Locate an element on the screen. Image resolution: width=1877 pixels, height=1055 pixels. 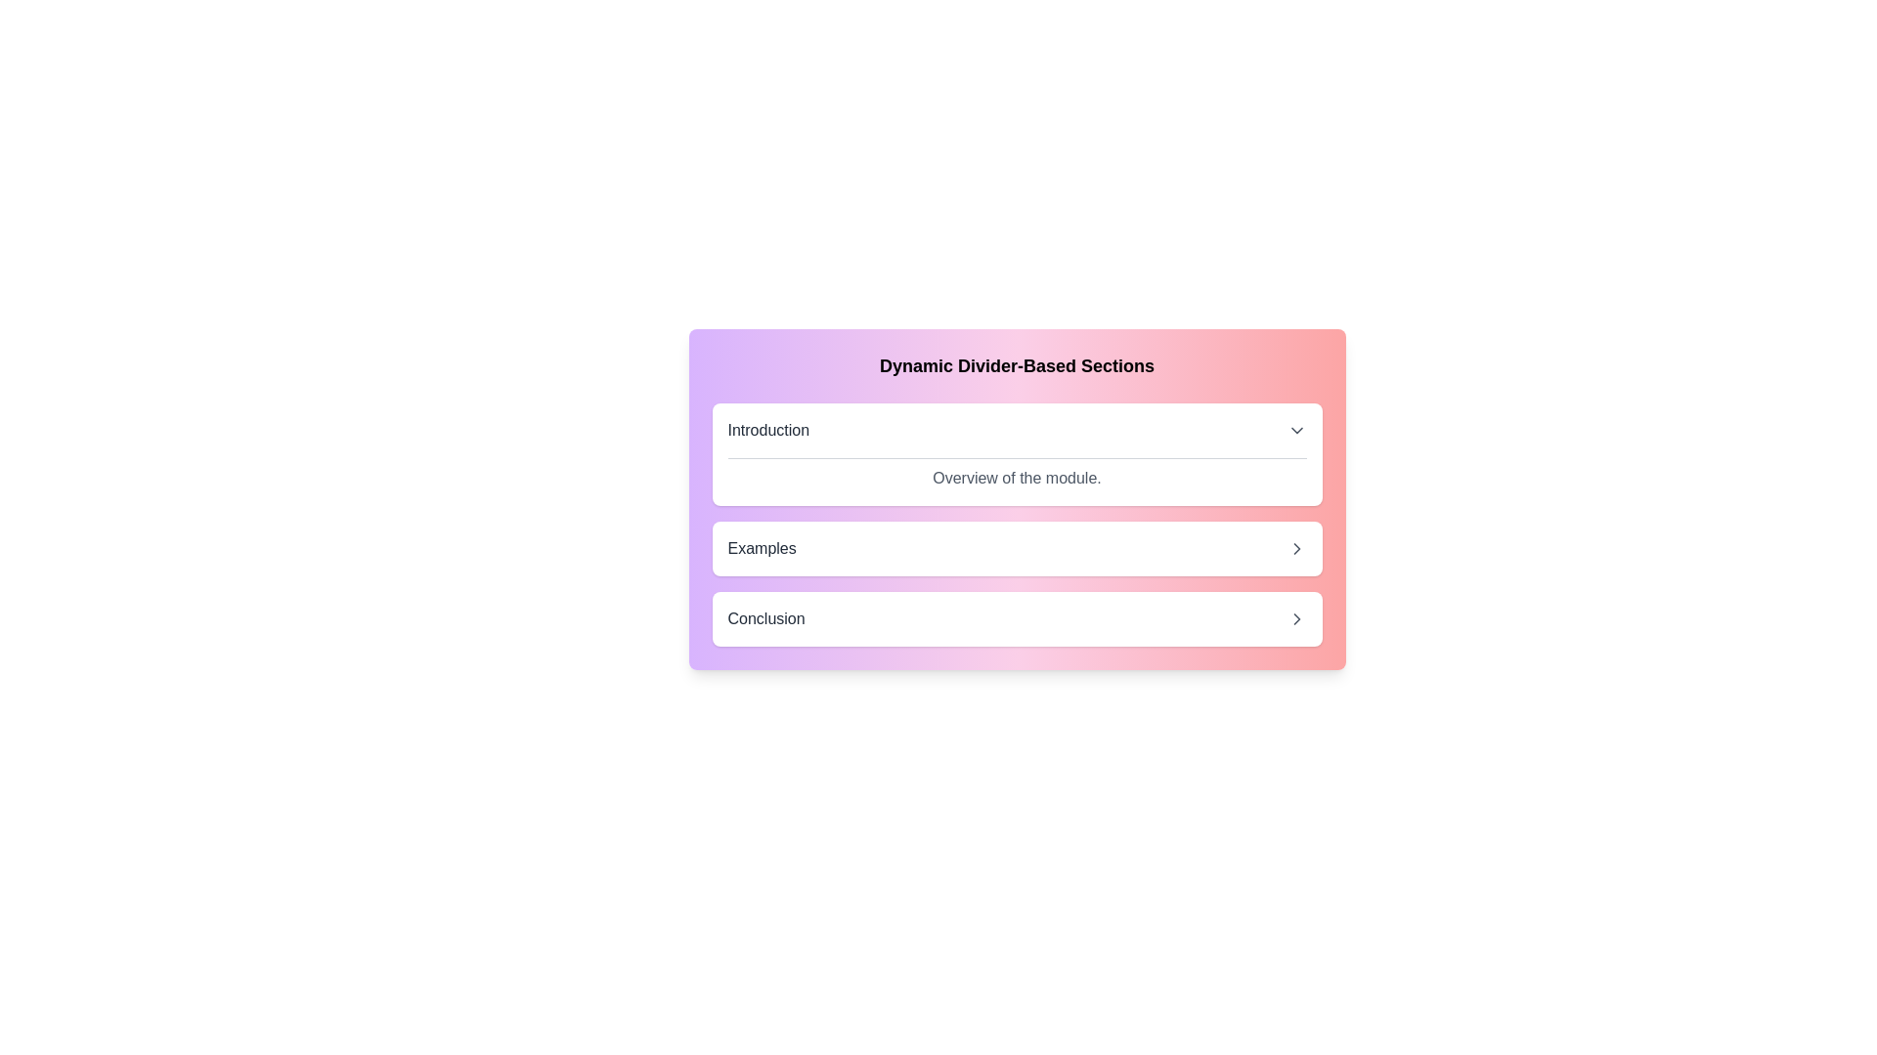
the right-facing chevron icon, which is gray and indicates a clickable section, located next to the 'Examples' label is located at coordinates (1296, 549).